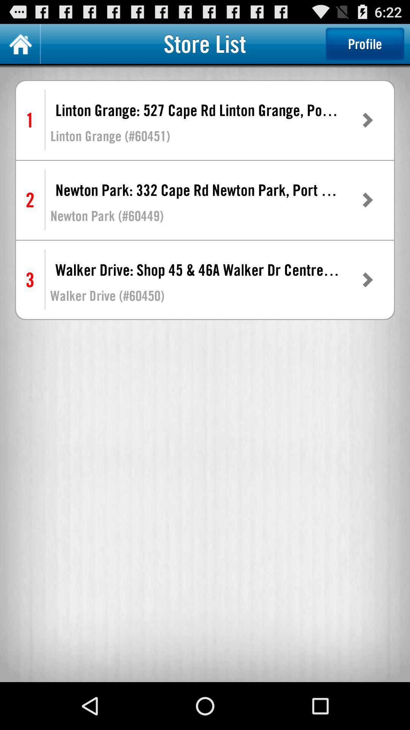  I want to click on the home icon, so click(19, 46).